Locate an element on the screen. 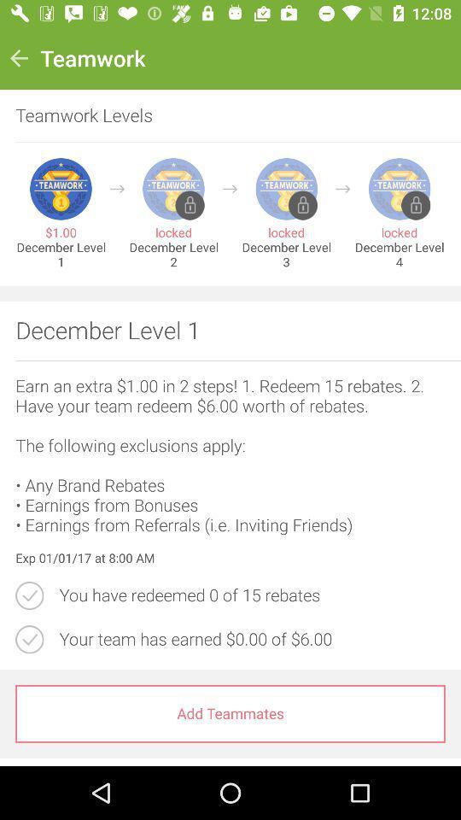  the icon next to the teamwork icon is located at coordinates (18, 58).